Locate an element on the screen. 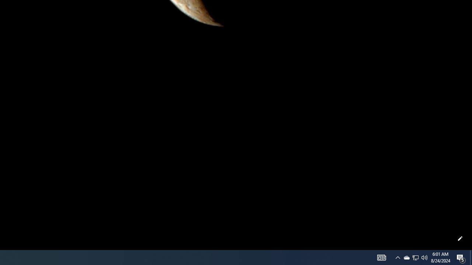  'Customize this page' is located at coordinates (460, 239).